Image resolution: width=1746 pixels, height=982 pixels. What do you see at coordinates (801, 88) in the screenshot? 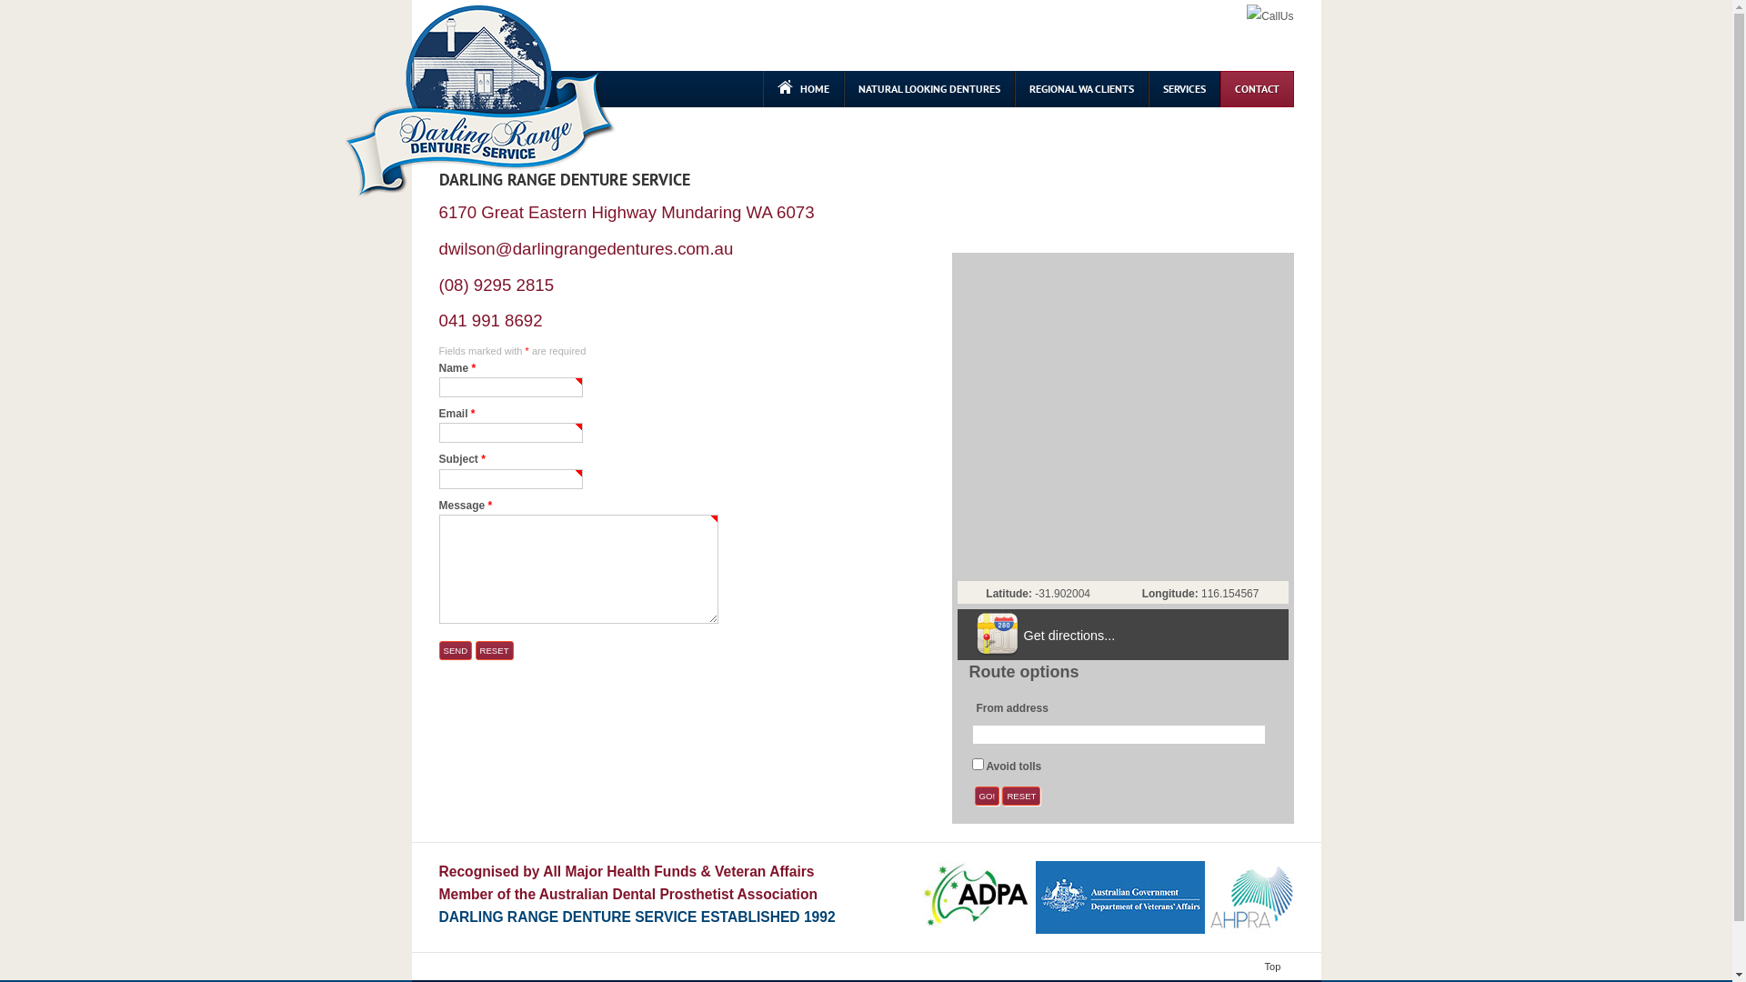
I see `'HOME'` at bounding box center [801, 88].